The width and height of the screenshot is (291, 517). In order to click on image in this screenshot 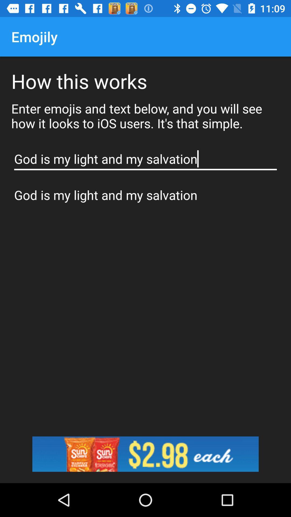, I will do `click(145, 454)`.